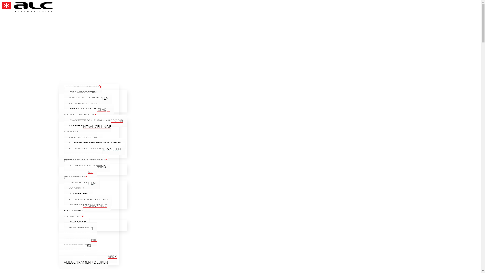 The height and width of the screenshot is (273, 485). What do you see at coordinates (95, 121) in the screenshot?
I see `'CASSETTE PANELEN + MICRORIB'` at bounding box center [95, 121].